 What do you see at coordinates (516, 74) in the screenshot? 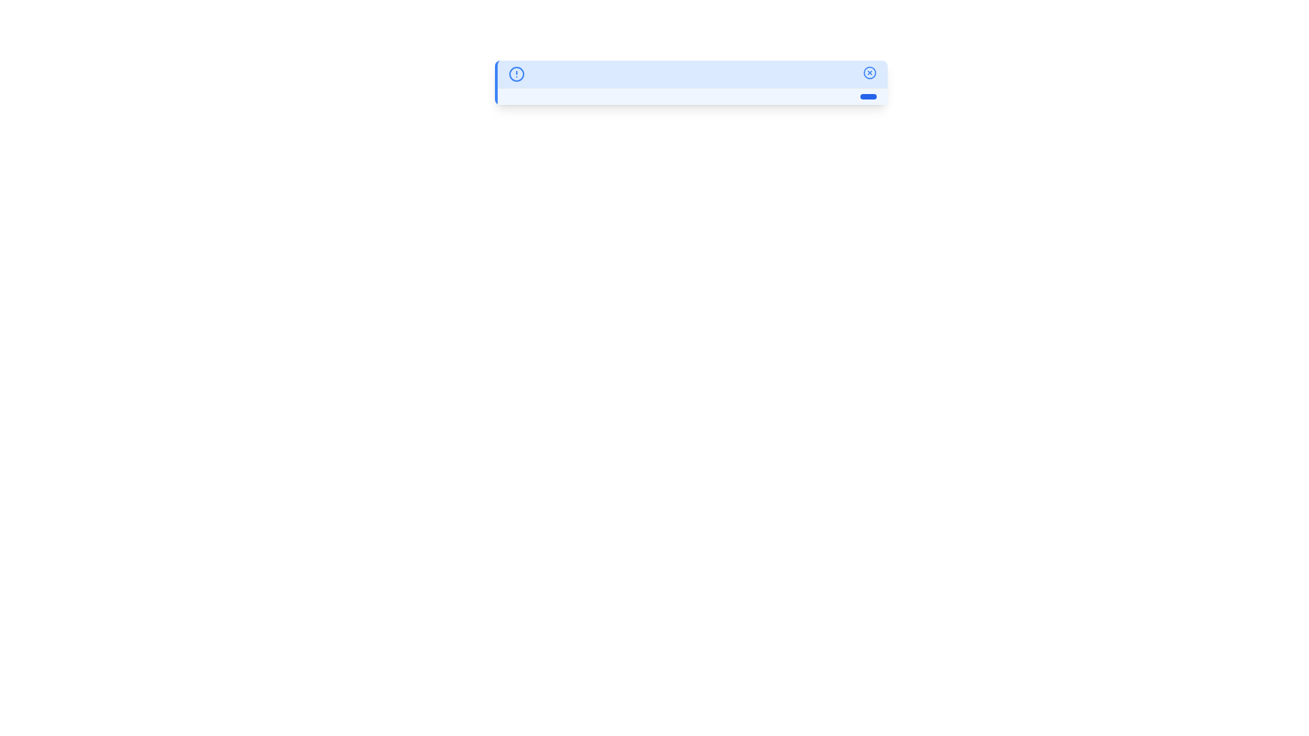
I see `the circular icon with a blue outline located in the top-left corner of the search bar area` at bounding box center [516, 74].